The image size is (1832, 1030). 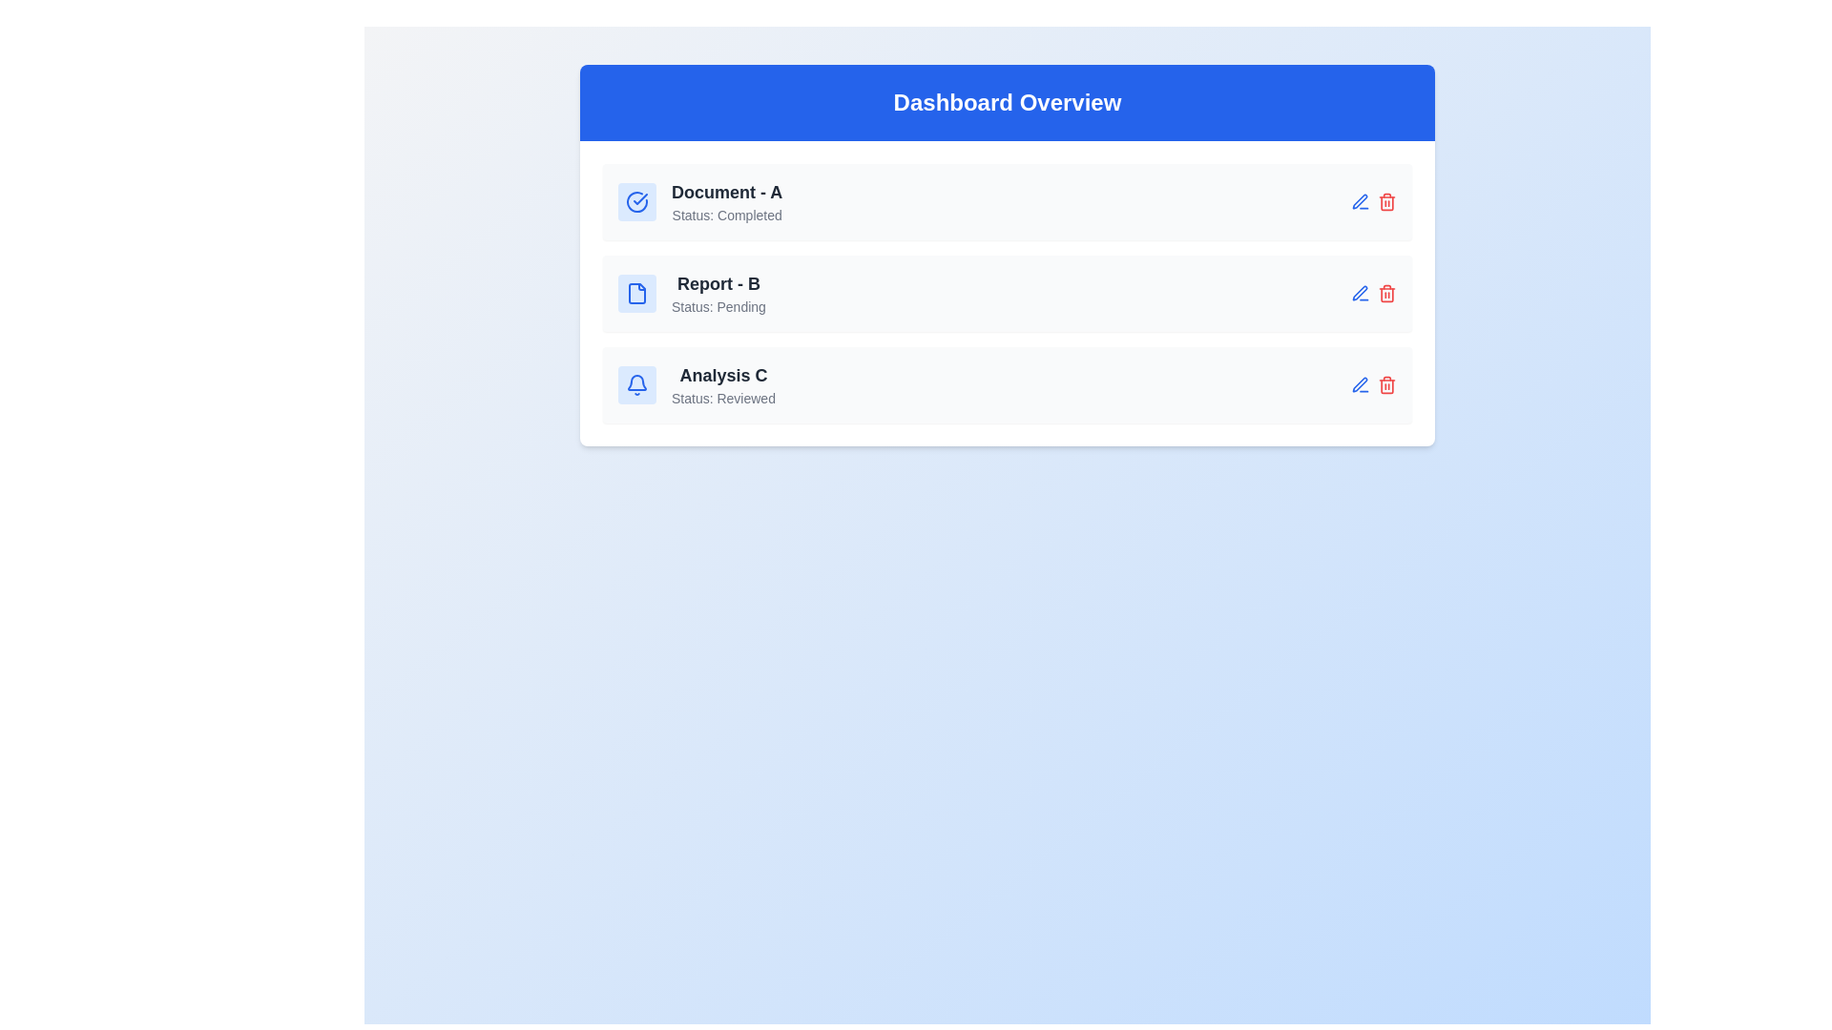 What do you see at coordinates (718, 283) in the screenshot?
I see `the static text label displaying 'Report - B', which is the second item in the list under 'Dashboard Overview'` at bounding box center [718, 283].